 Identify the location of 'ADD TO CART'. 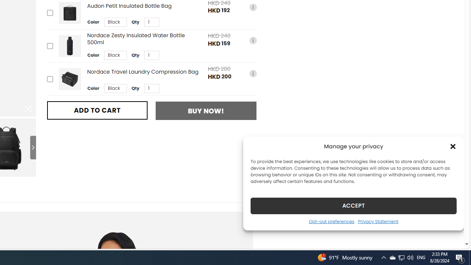
(97, 110).